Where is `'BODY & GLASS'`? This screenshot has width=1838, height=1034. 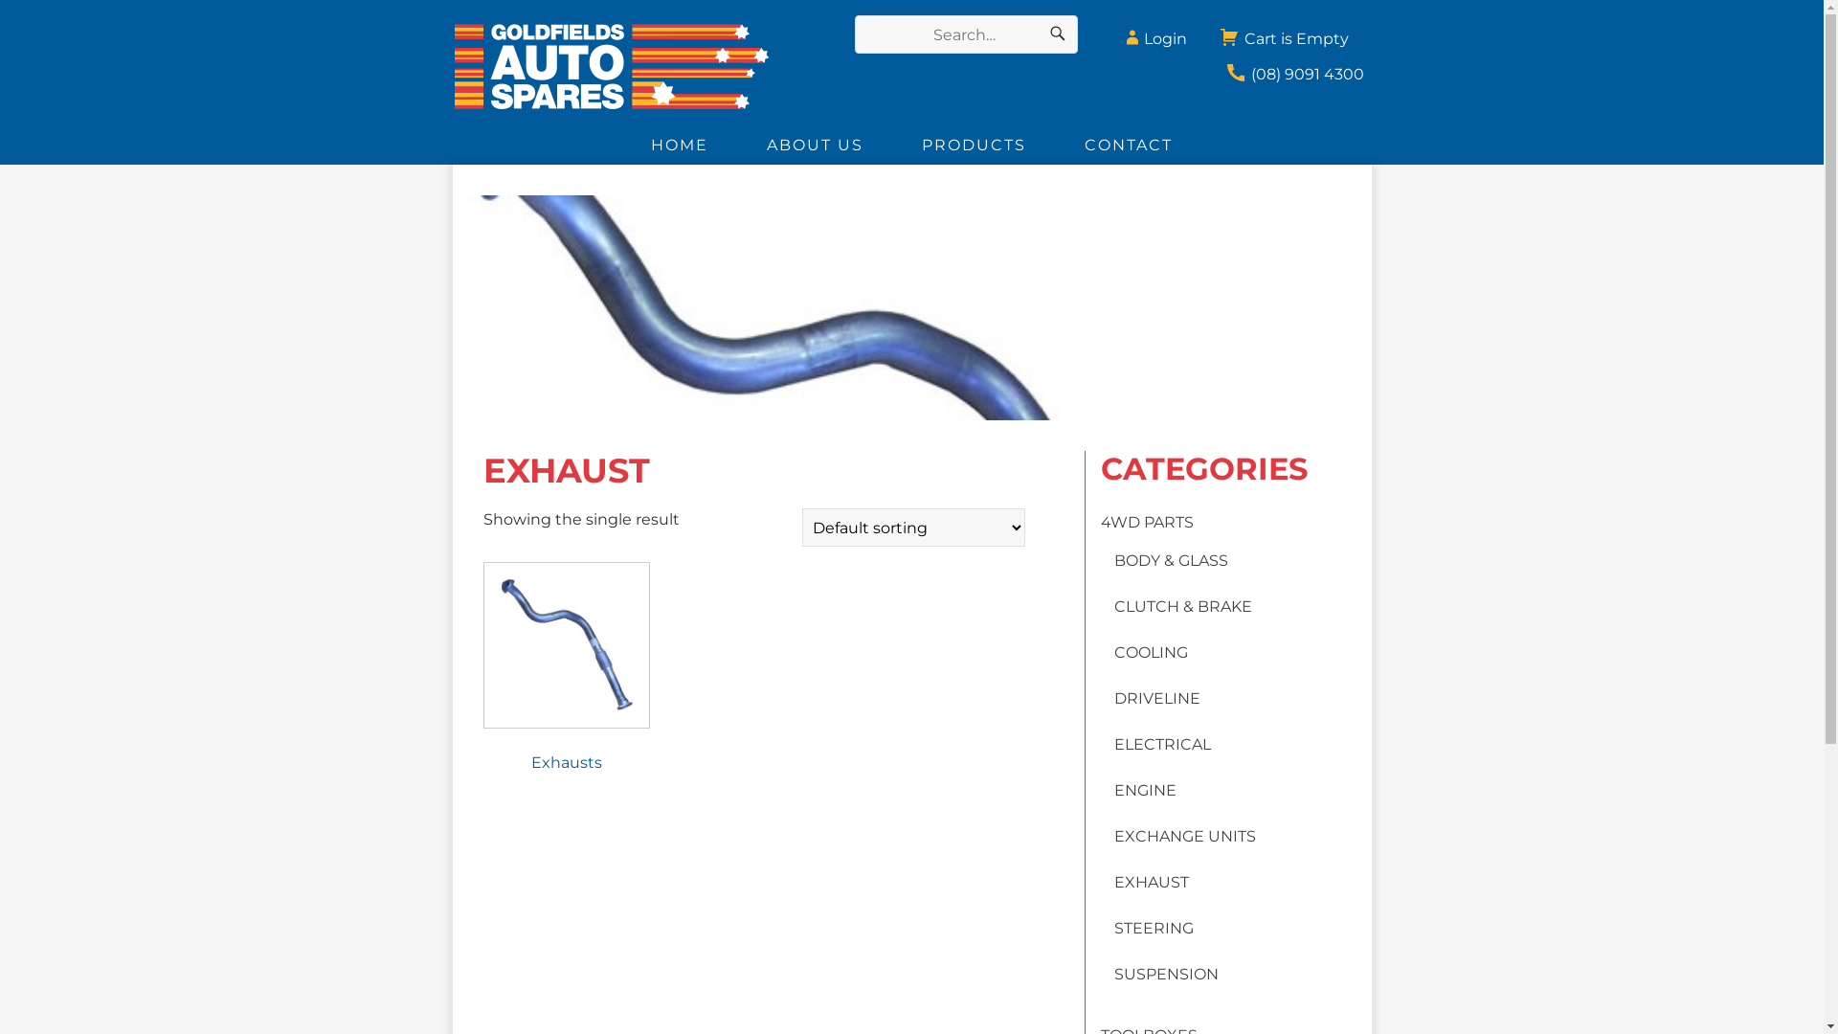
'BODY & GLASS' is located at coordinates (1170, 560).